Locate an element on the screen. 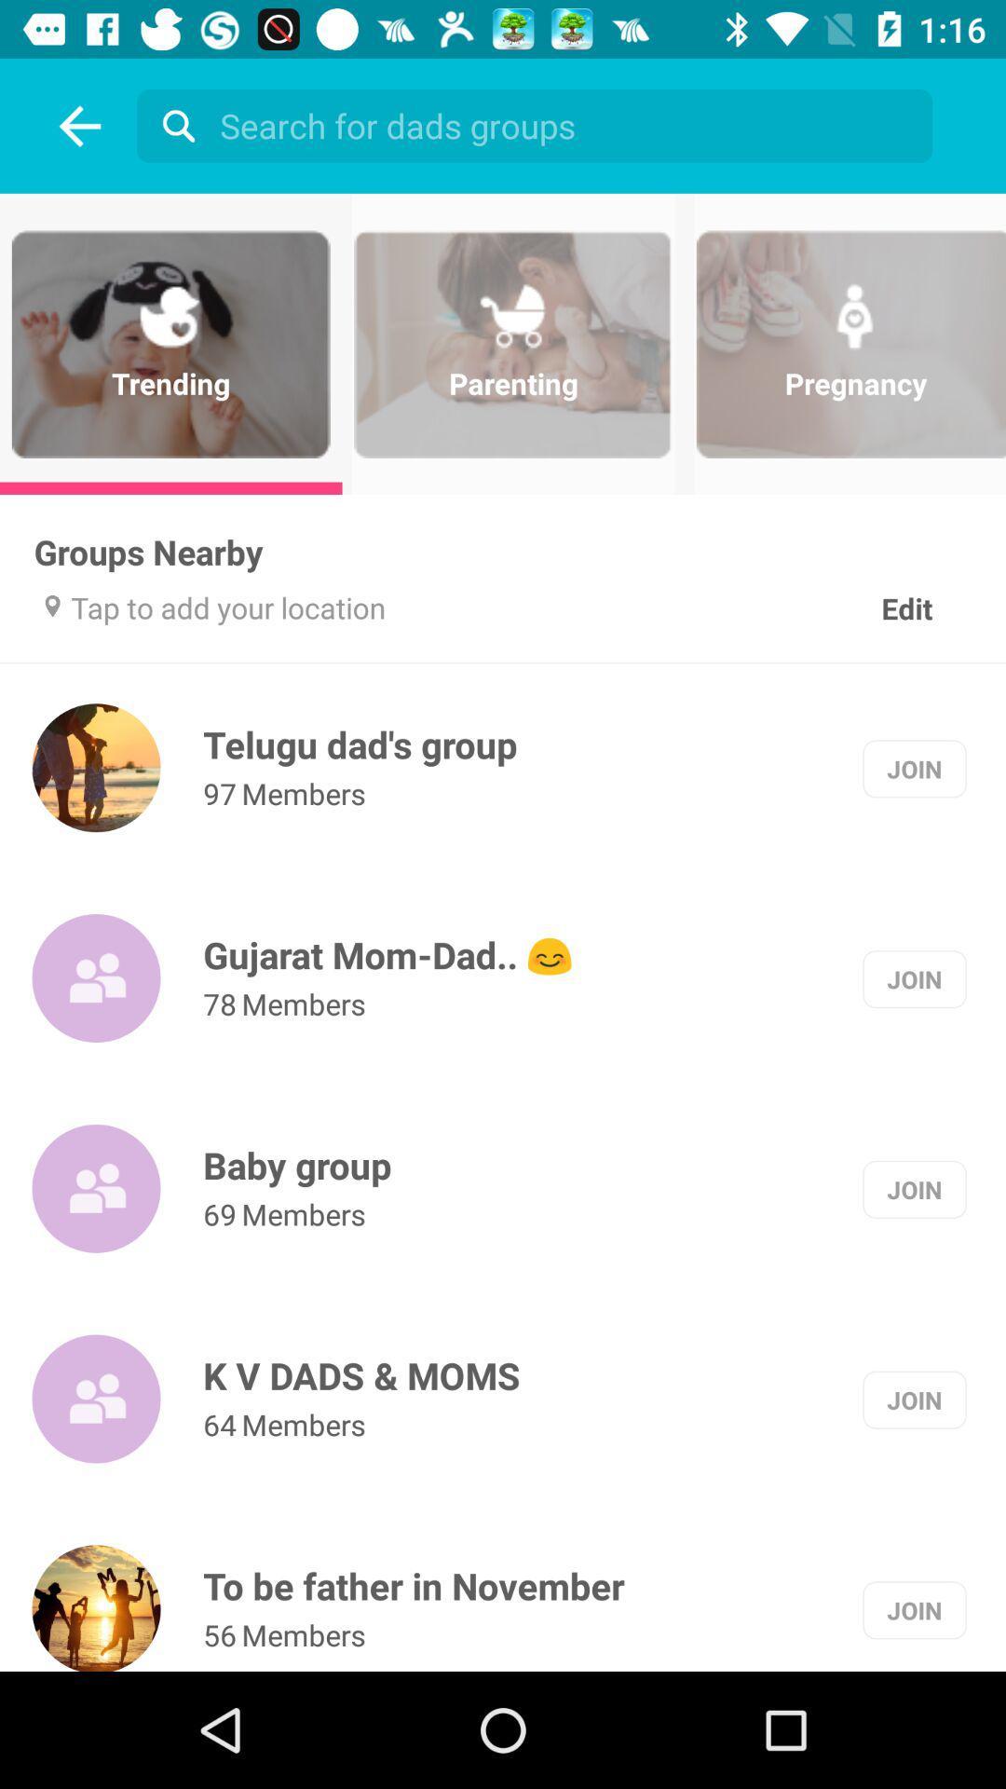  the icon next to the members icon is located at coordinates (219, 1003).